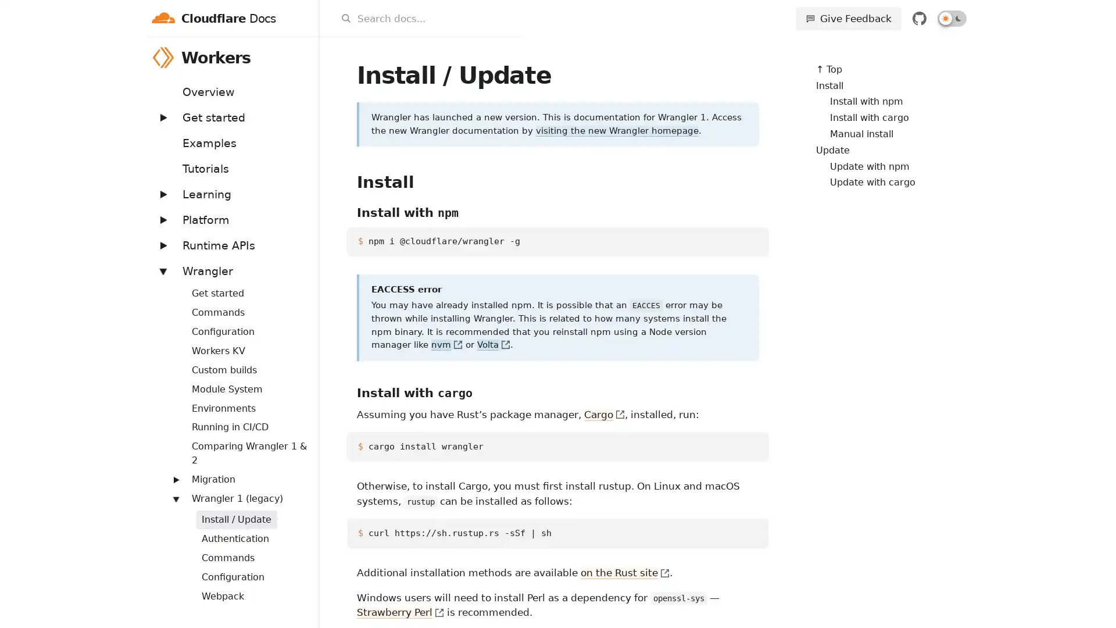 This screenshot has height=628, width=1116. What do you see at coordinates (175, 479) in the screenshot?
I see `Expand: Migration` at bounding box center [175, 479].